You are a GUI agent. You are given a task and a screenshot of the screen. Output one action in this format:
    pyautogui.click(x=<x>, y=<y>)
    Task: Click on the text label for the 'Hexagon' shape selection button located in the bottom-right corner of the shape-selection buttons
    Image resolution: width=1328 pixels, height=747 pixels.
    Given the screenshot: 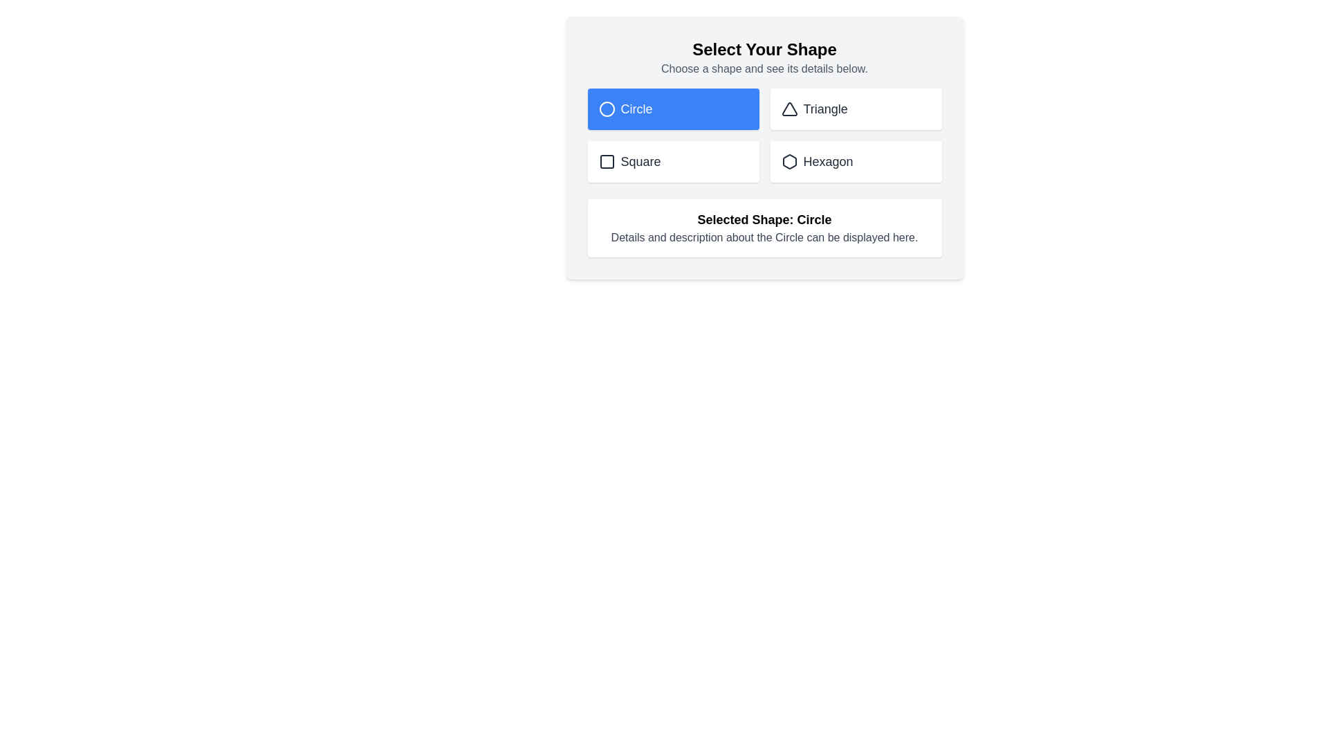 What is the action you would take?
    pyautogui.click(x=828, y=161)
    